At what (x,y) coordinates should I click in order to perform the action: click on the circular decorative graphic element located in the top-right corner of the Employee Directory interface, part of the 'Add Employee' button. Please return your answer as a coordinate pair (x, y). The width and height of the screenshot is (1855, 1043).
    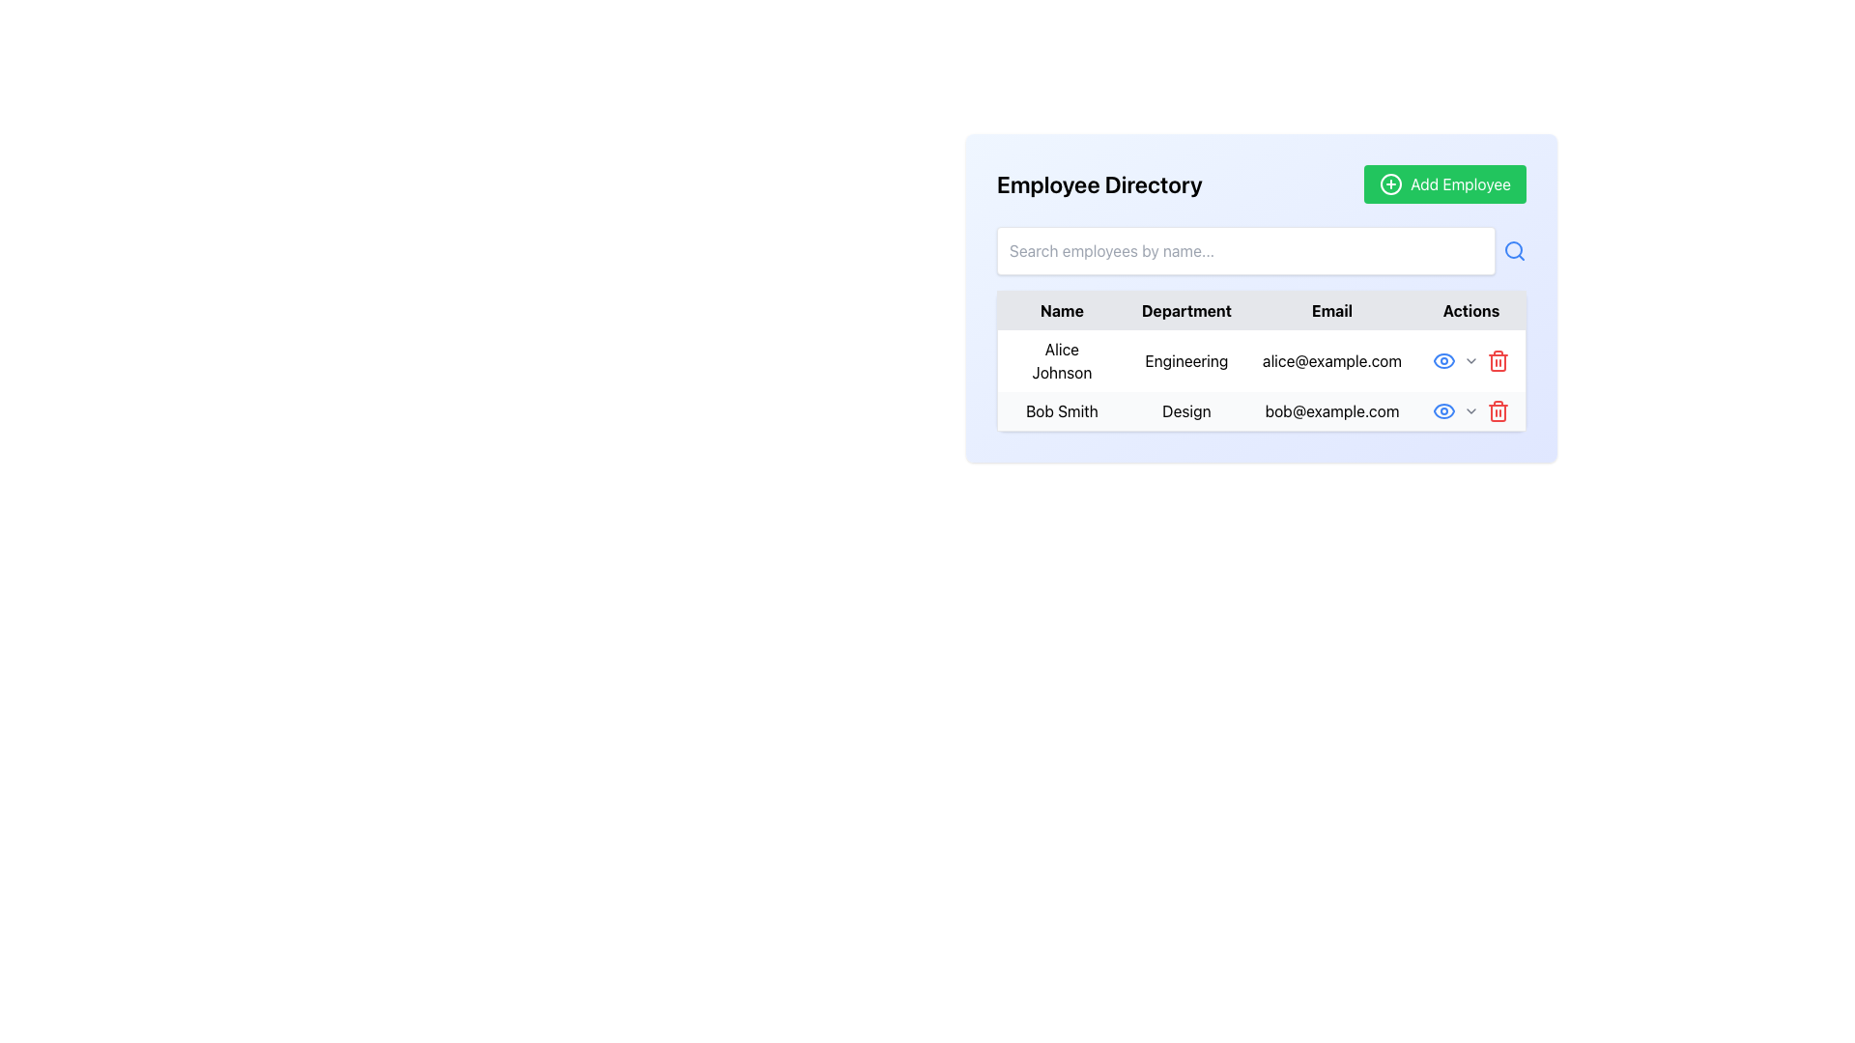
    Looking at the image, I should click on (1391, 184).